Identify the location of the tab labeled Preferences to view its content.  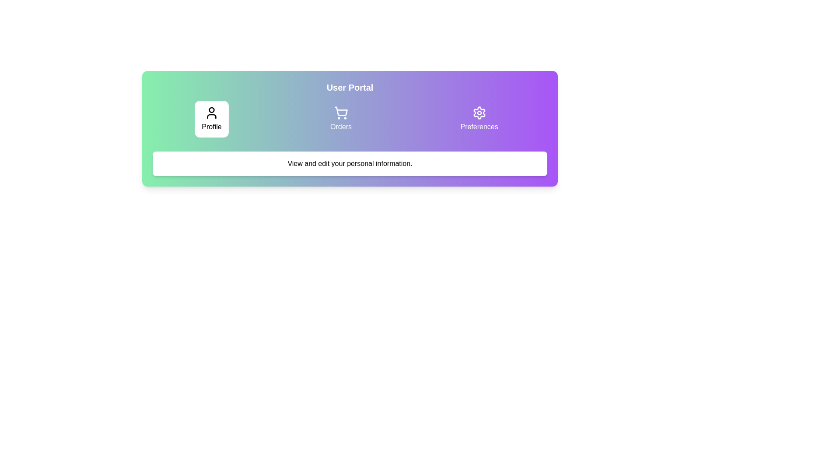
(479, 119).